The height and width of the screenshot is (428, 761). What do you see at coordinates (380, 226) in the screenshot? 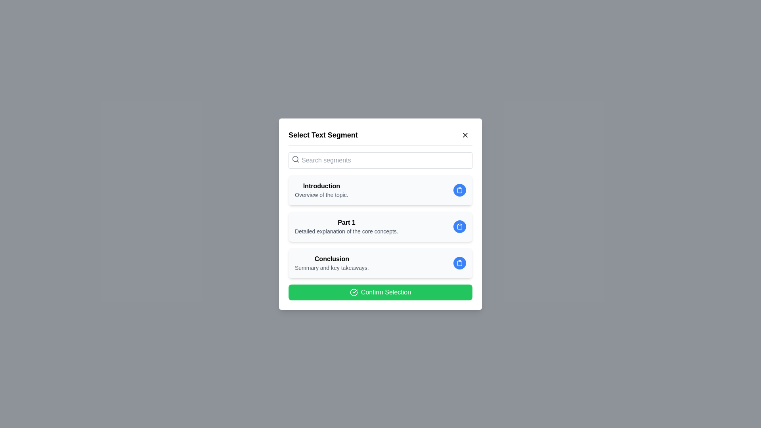
I see `the segment with title Part 1 to view its details` at bounding box center [380, 226].